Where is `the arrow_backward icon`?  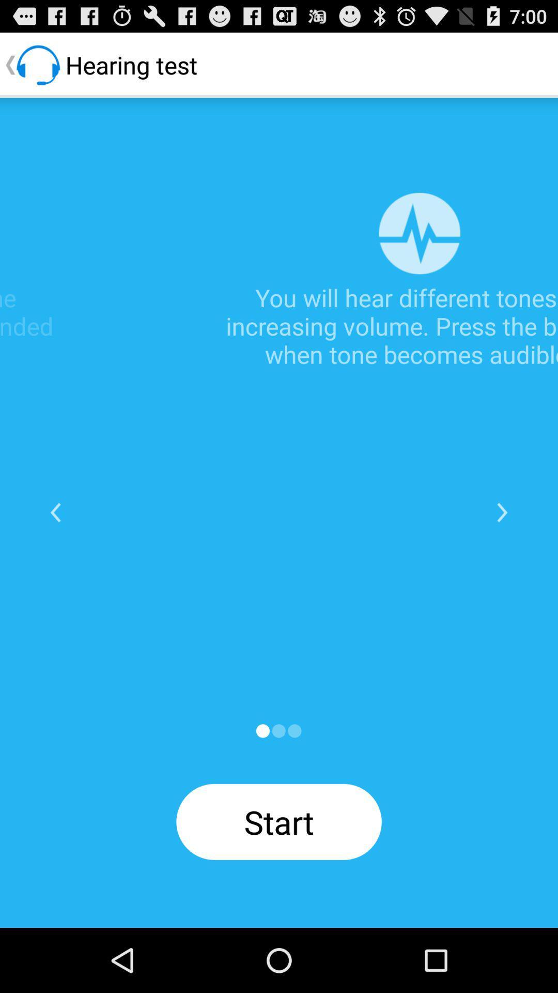 the arrow_backward icon is located at coordinates (55, 548).